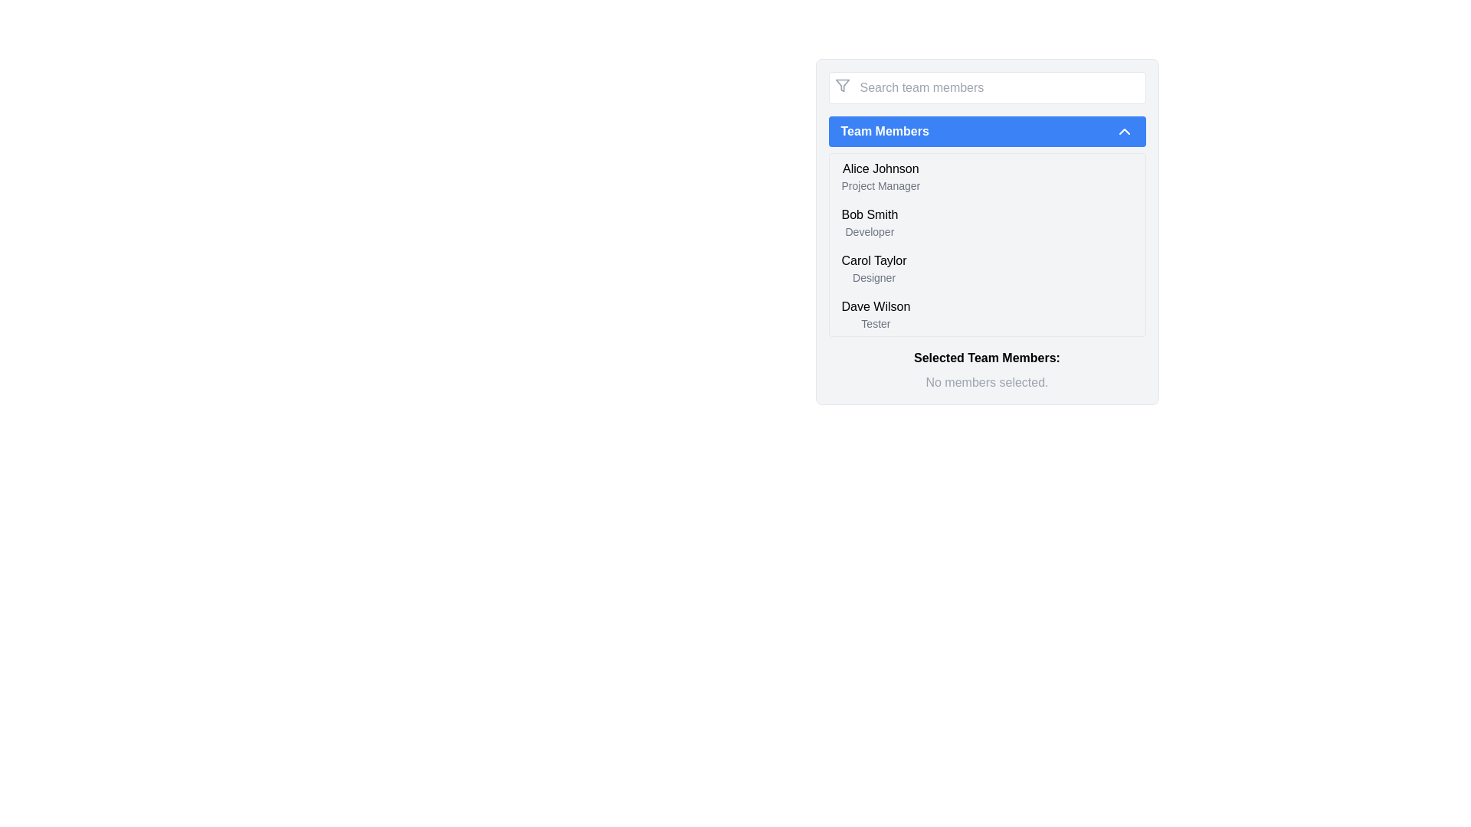 Image resolution: width=1471 pixels, height=827 pixels. Describe the element at coordinates (841, 85) in the screenshot. I see `the filter button located` at that location.